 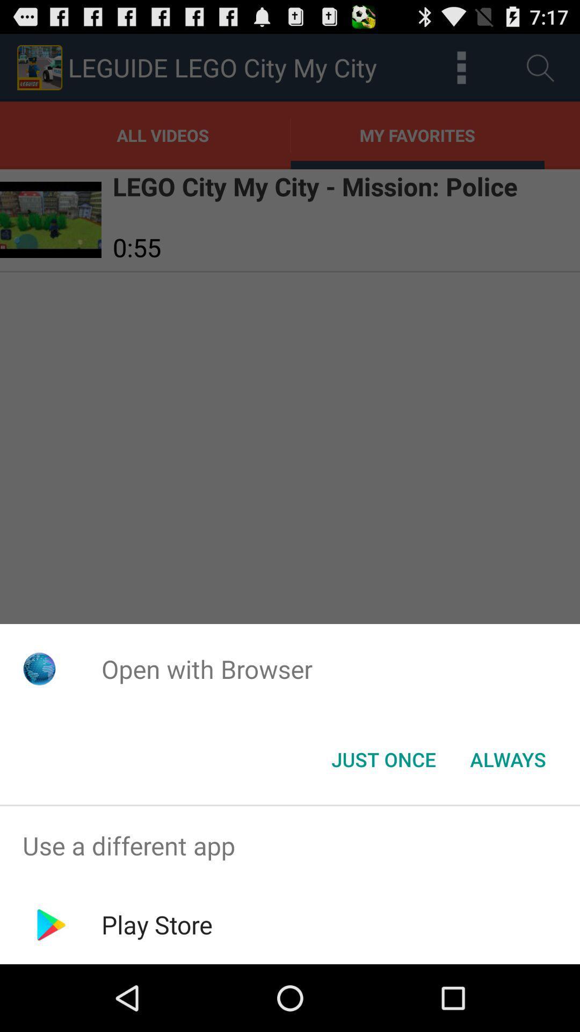 I want to click on the play store icon, so click(x=157, y=924).